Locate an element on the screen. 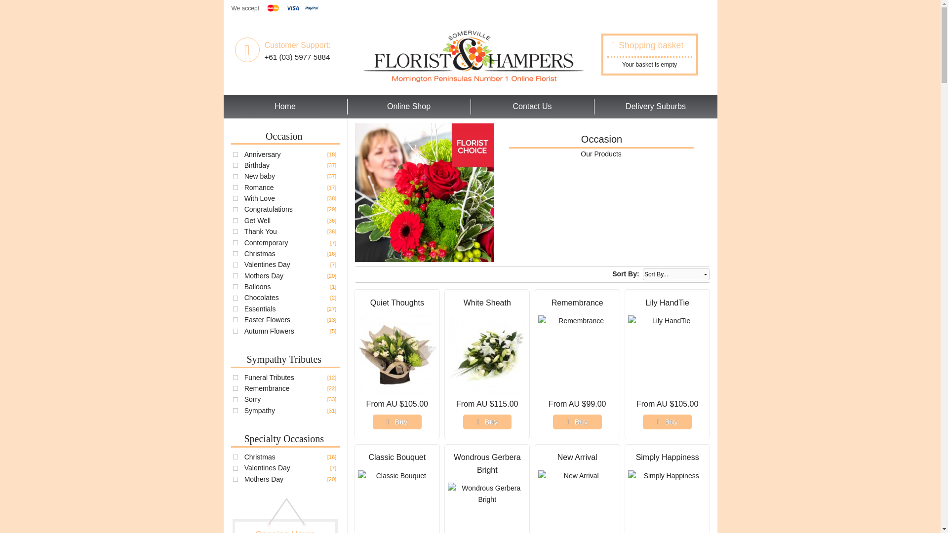 The width and height of the screenshot is (948, 533). '  Buy' is located at coordinates (397, 422).